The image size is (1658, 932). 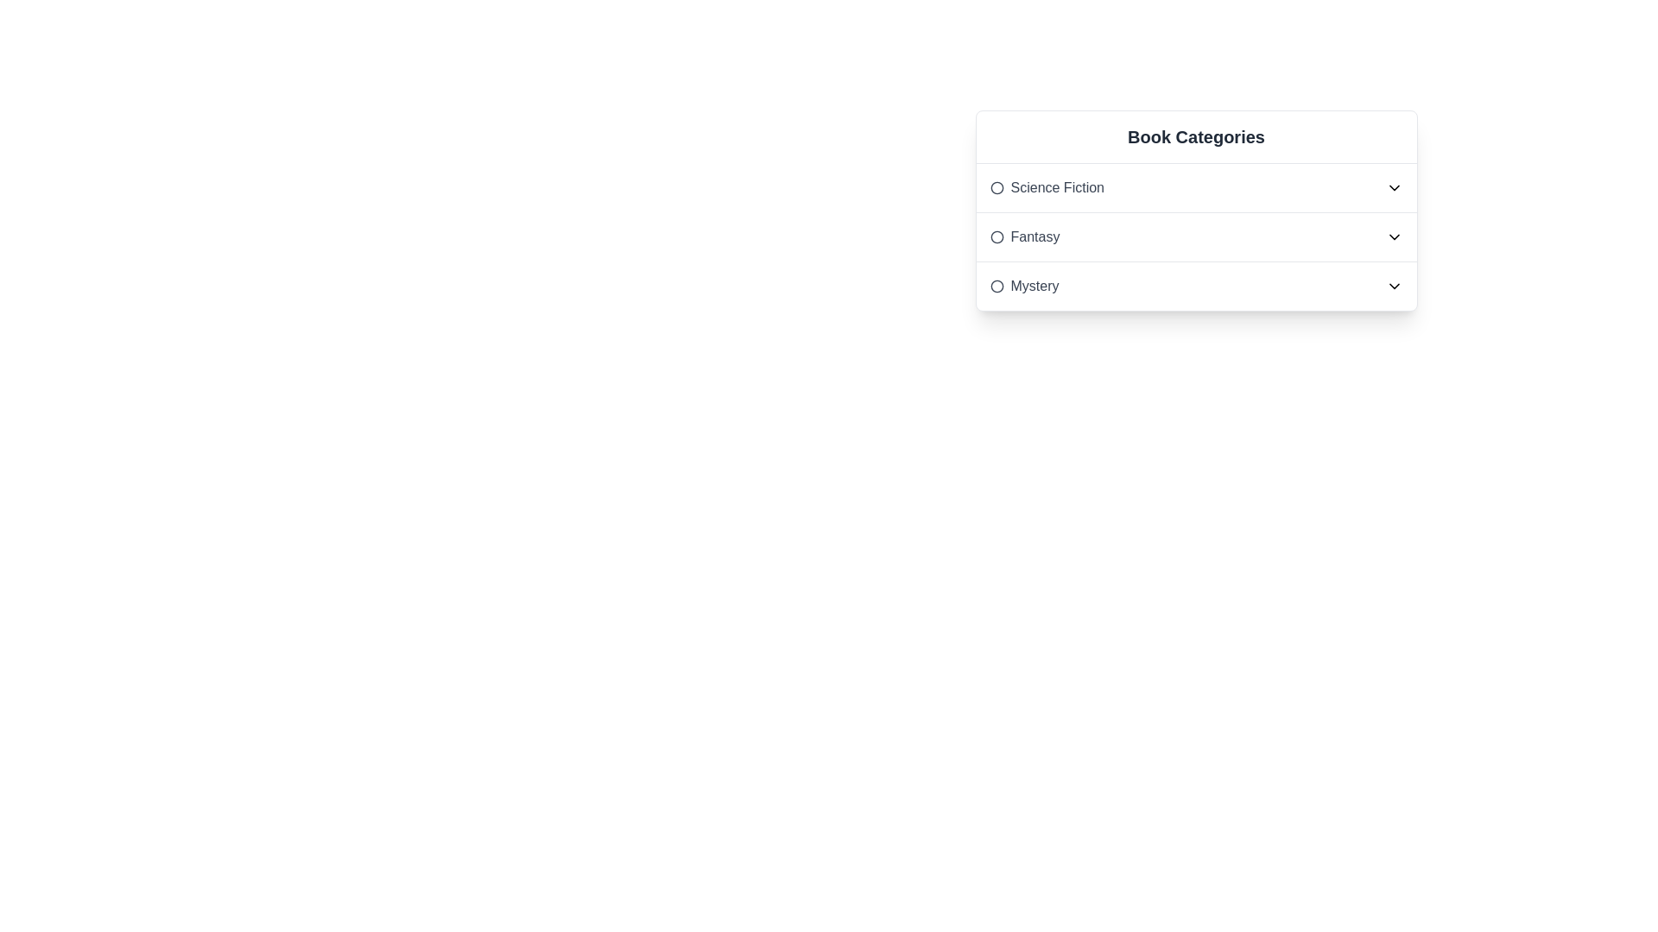 I want to click on the dropdown arrow of the 'Science Fiction' category item, so click(x=1195, y=188).